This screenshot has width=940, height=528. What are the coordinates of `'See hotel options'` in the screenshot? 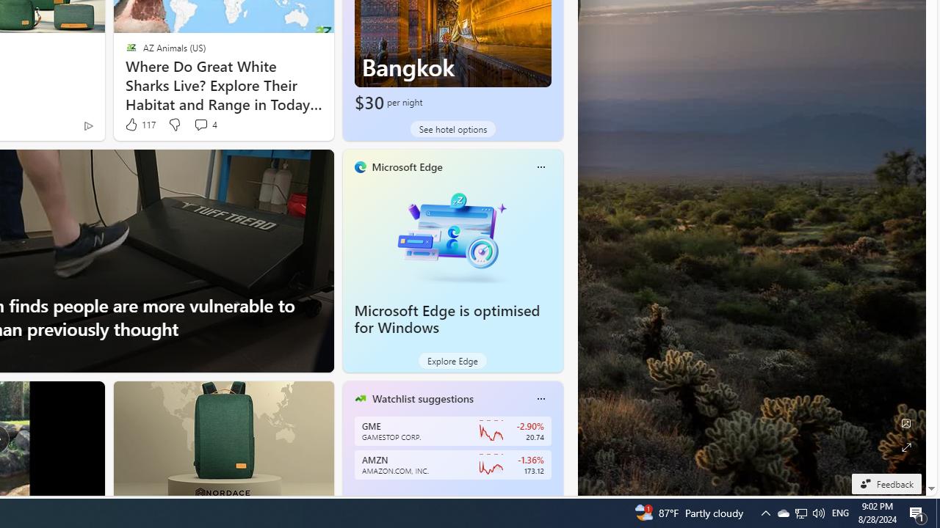 It's located at (452, 128).